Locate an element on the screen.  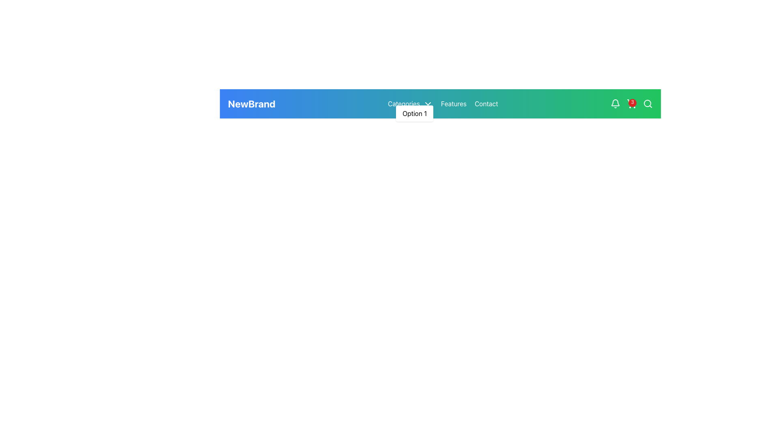
the 'Categories' dropdown trigger is located at coordinates (410, 103).